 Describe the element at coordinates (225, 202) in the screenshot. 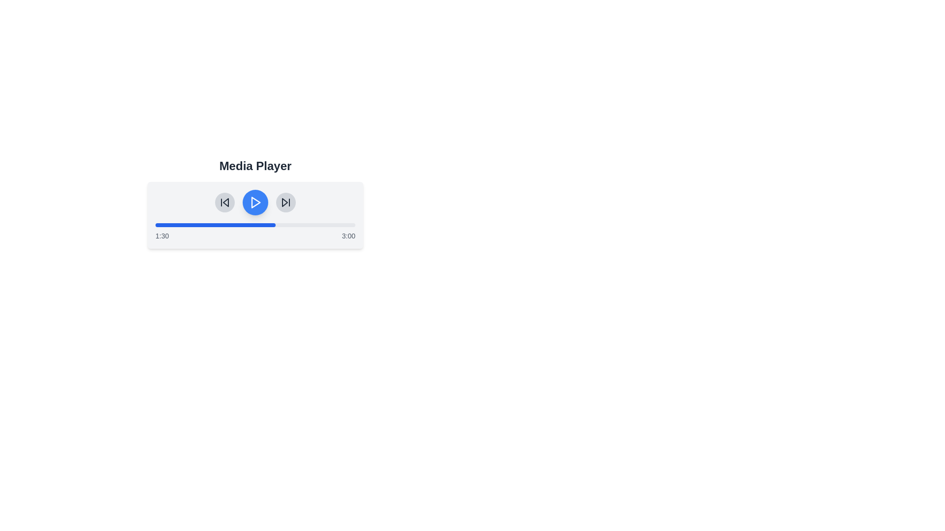

I see `the left-pointing arrow icon of the 'Skip Back' button in the media player interface` at that location.